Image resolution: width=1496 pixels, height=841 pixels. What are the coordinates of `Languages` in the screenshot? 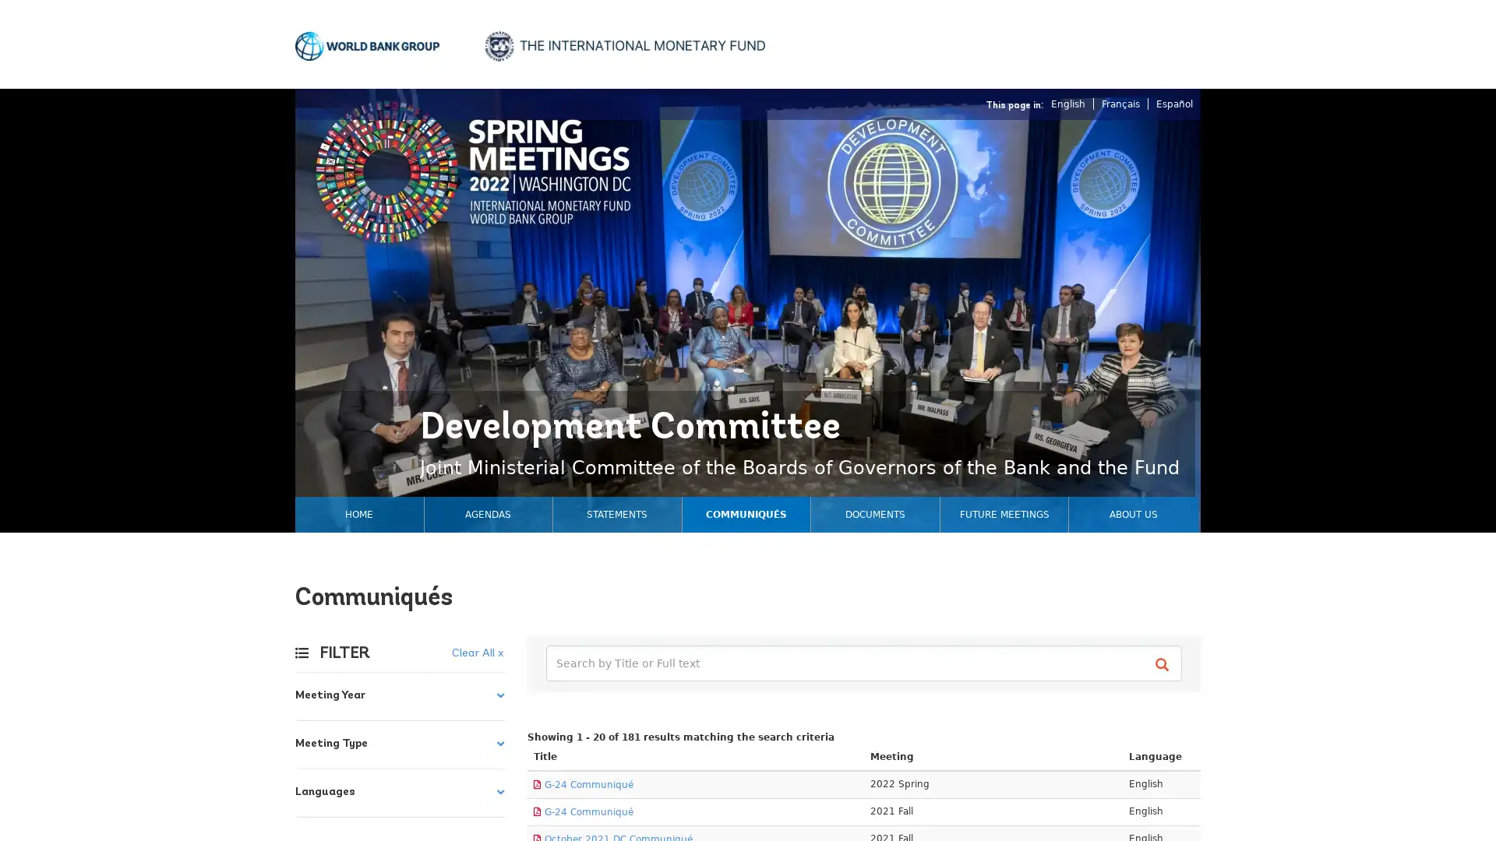 It's located at (400, 793).